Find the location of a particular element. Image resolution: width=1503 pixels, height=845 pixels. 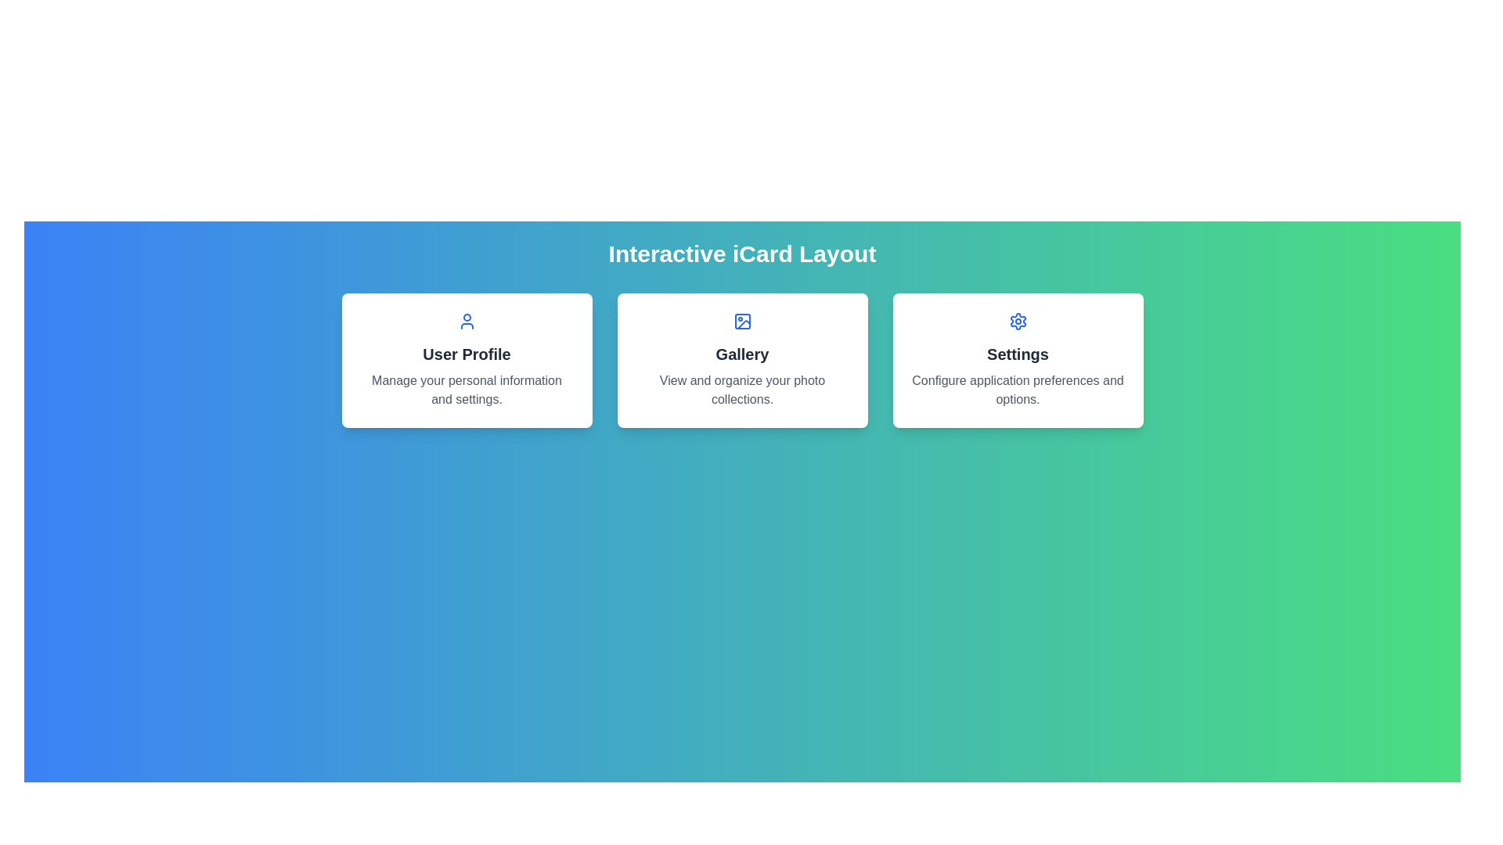

the Text Label that displays 'View and organize your photo collections.' located in the 'Gallery' card, positioned below the heading 'Gallery' is located at coordinates (741, 389).